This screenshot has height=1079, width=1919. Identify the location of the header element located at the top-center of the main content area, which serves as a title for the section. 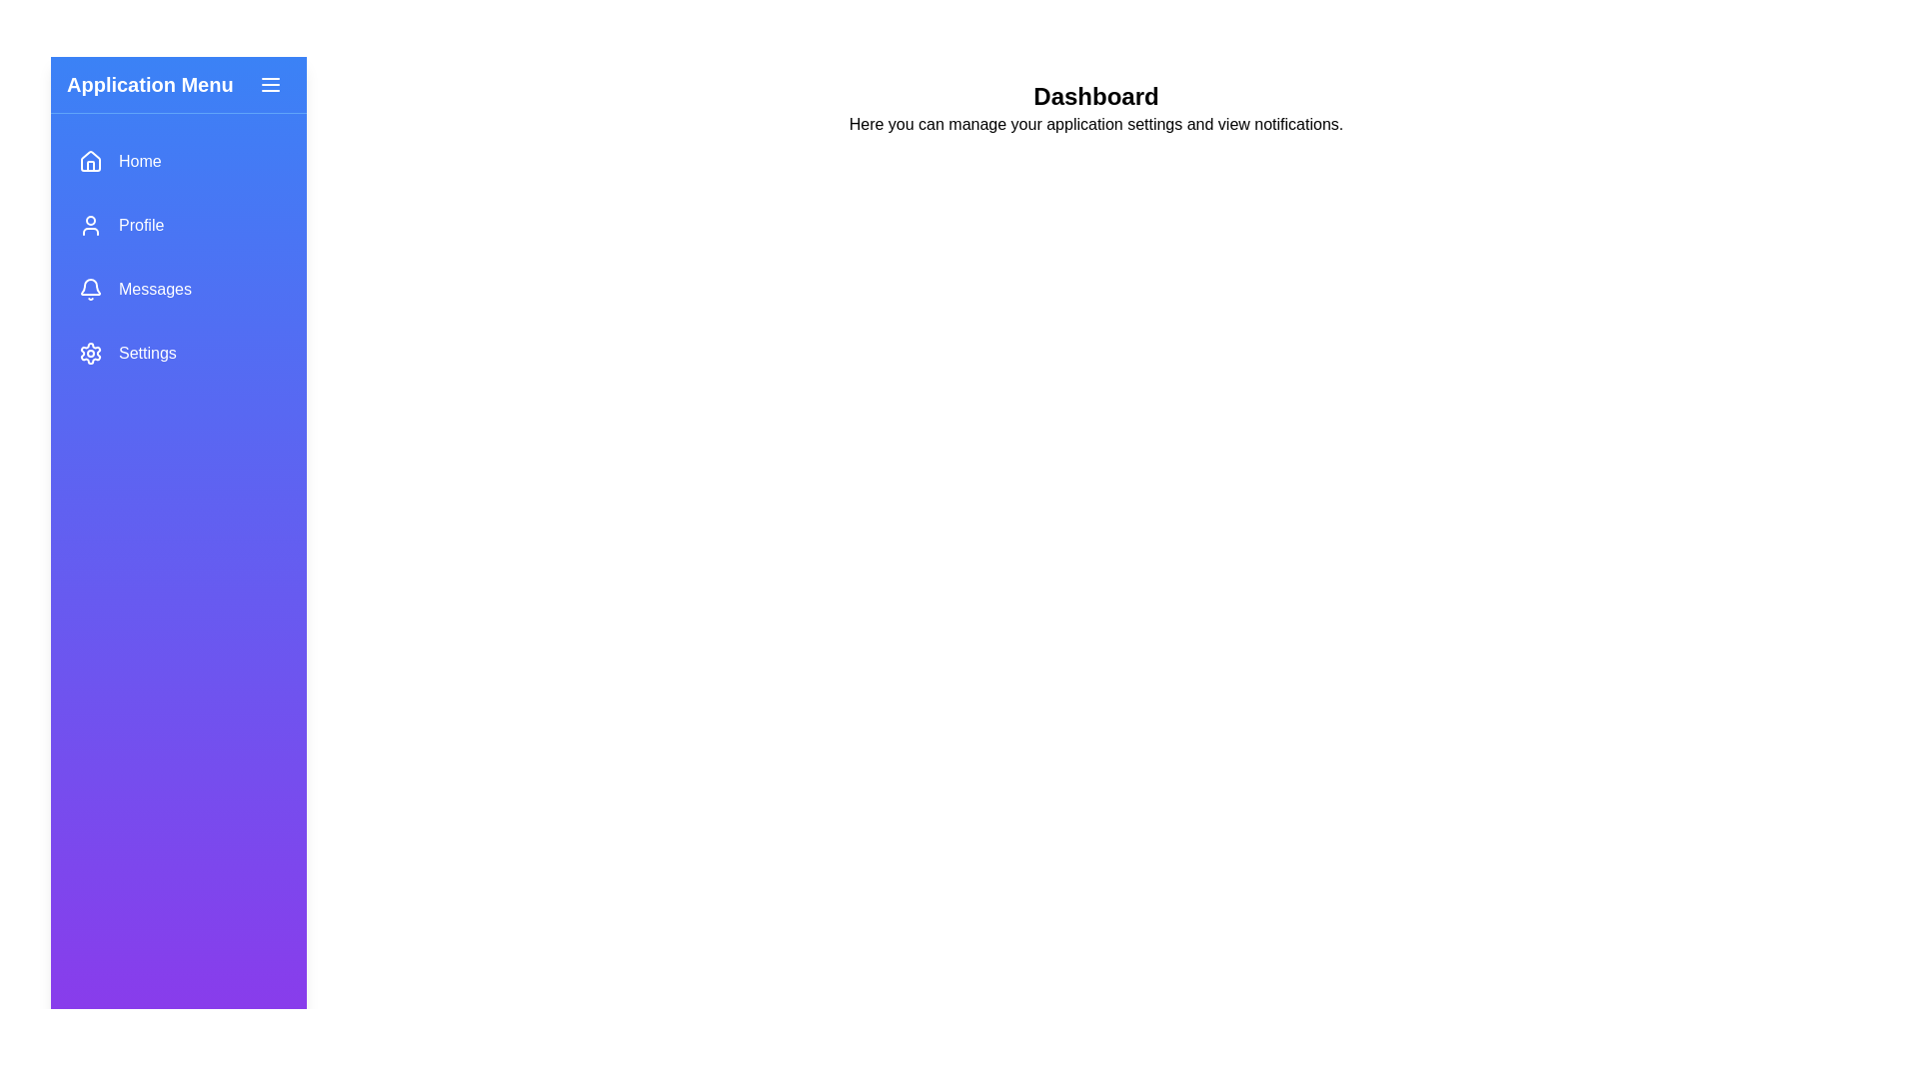
(1095, 96).